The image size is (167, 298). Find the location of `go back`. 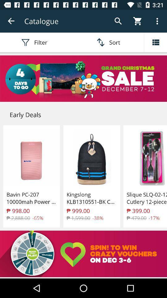

go back is located at coordinates (11, 21).